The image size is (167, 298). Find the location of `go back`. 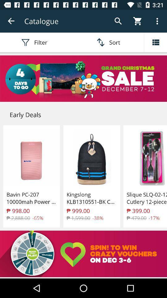

go back is located at coordinates (11, 21).